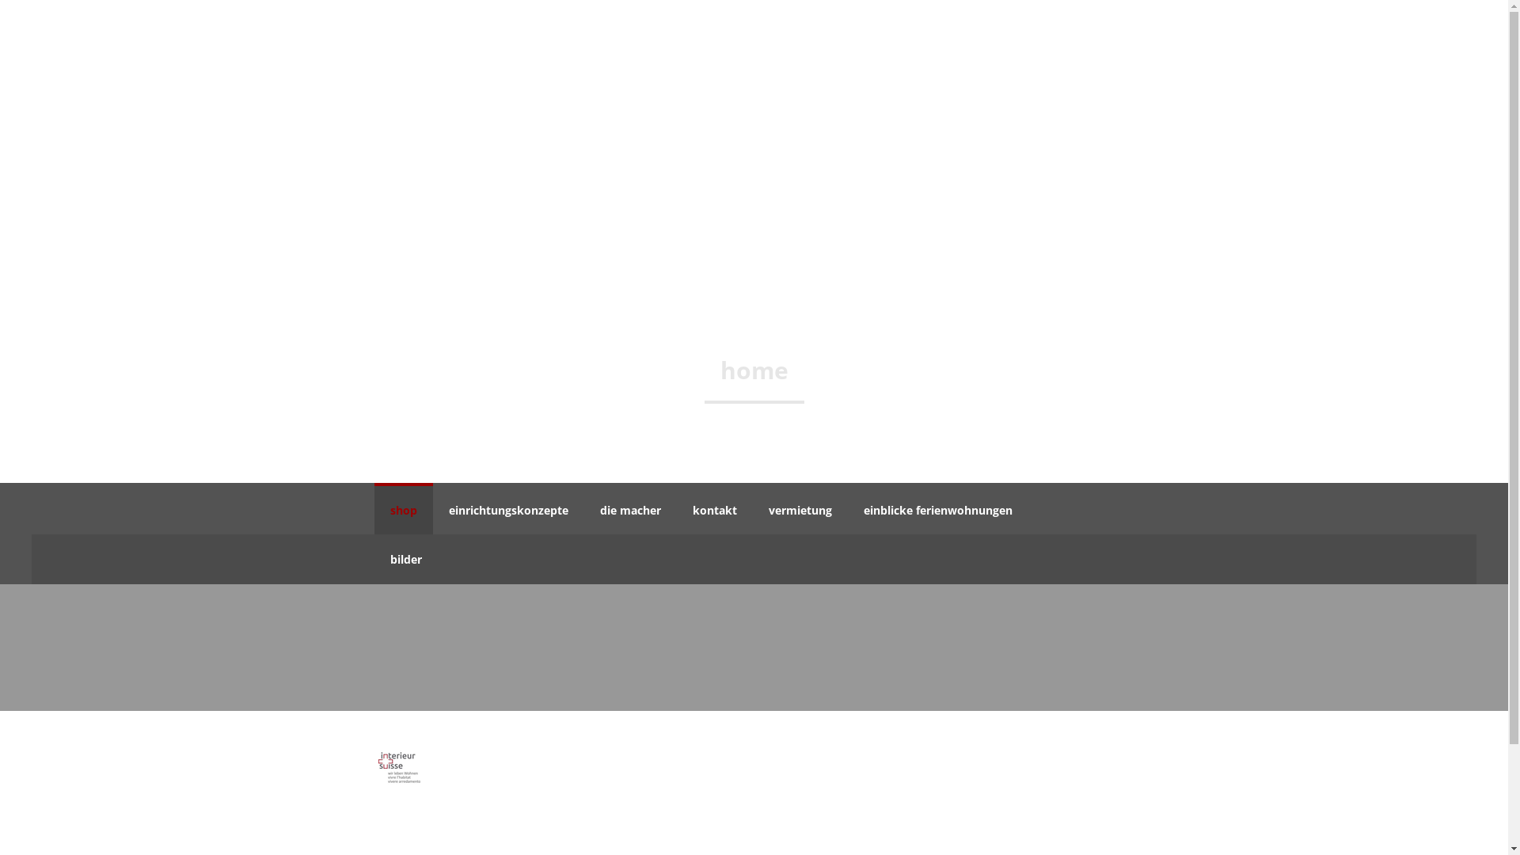 The image size is (1520, 855). Describe the element at coordinates (405, 558) in the screenshot. I see `'bilder'` at that location.